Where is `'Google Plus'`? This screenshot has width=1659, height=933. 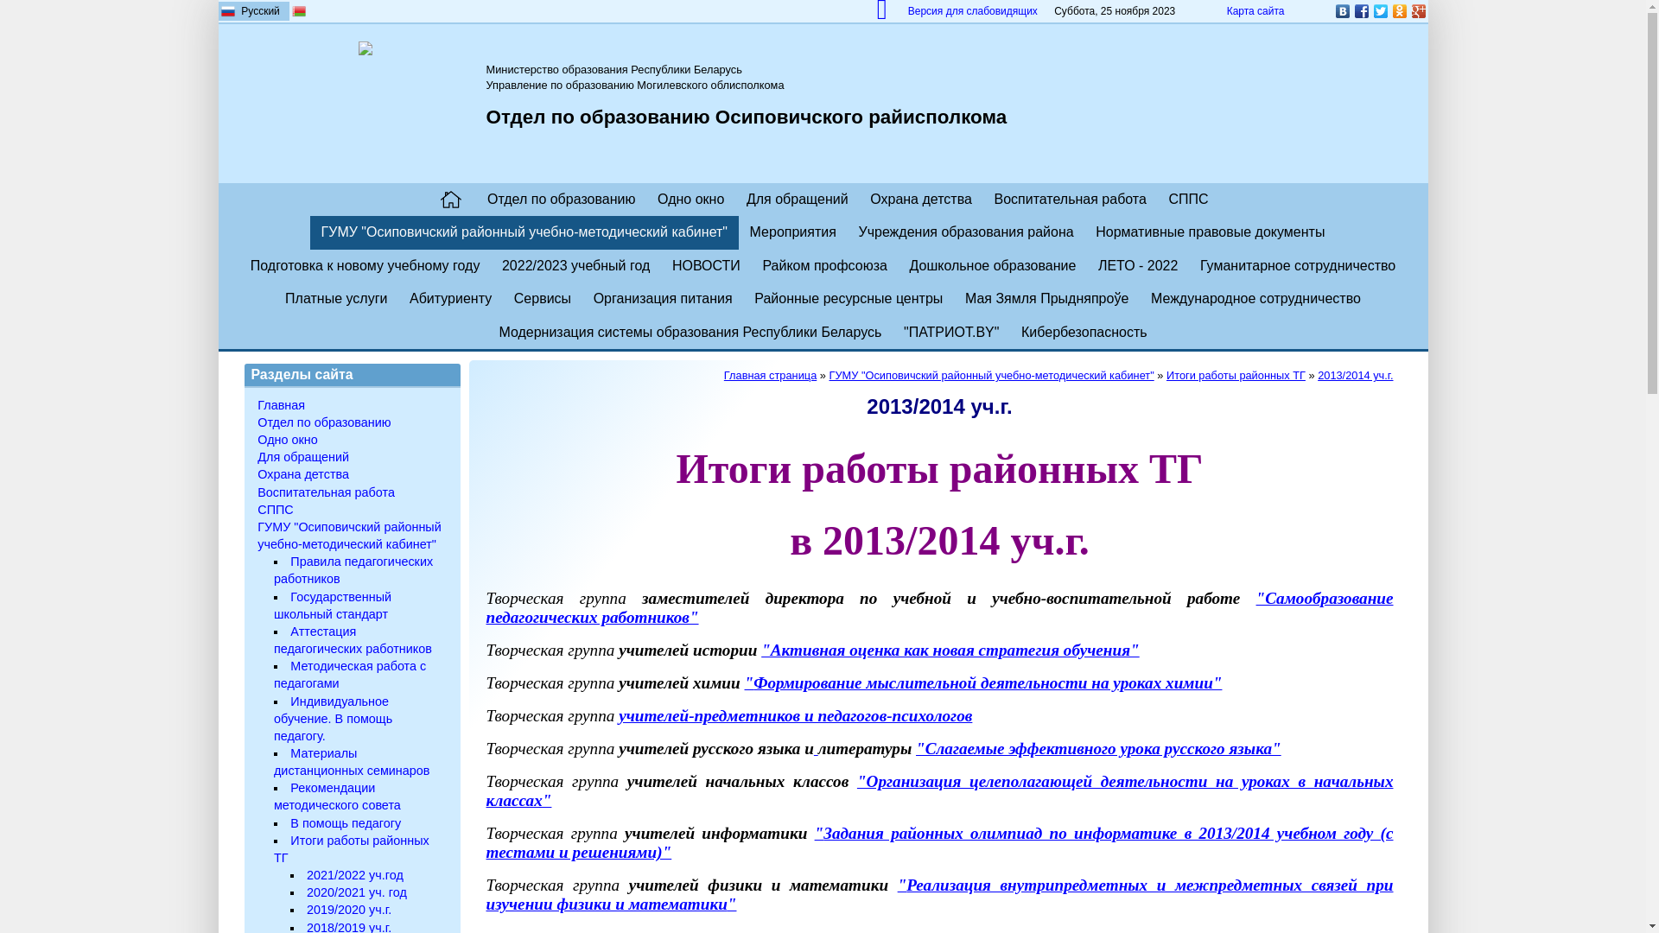 'Google Plus' is located at coordinates (1418, 10).